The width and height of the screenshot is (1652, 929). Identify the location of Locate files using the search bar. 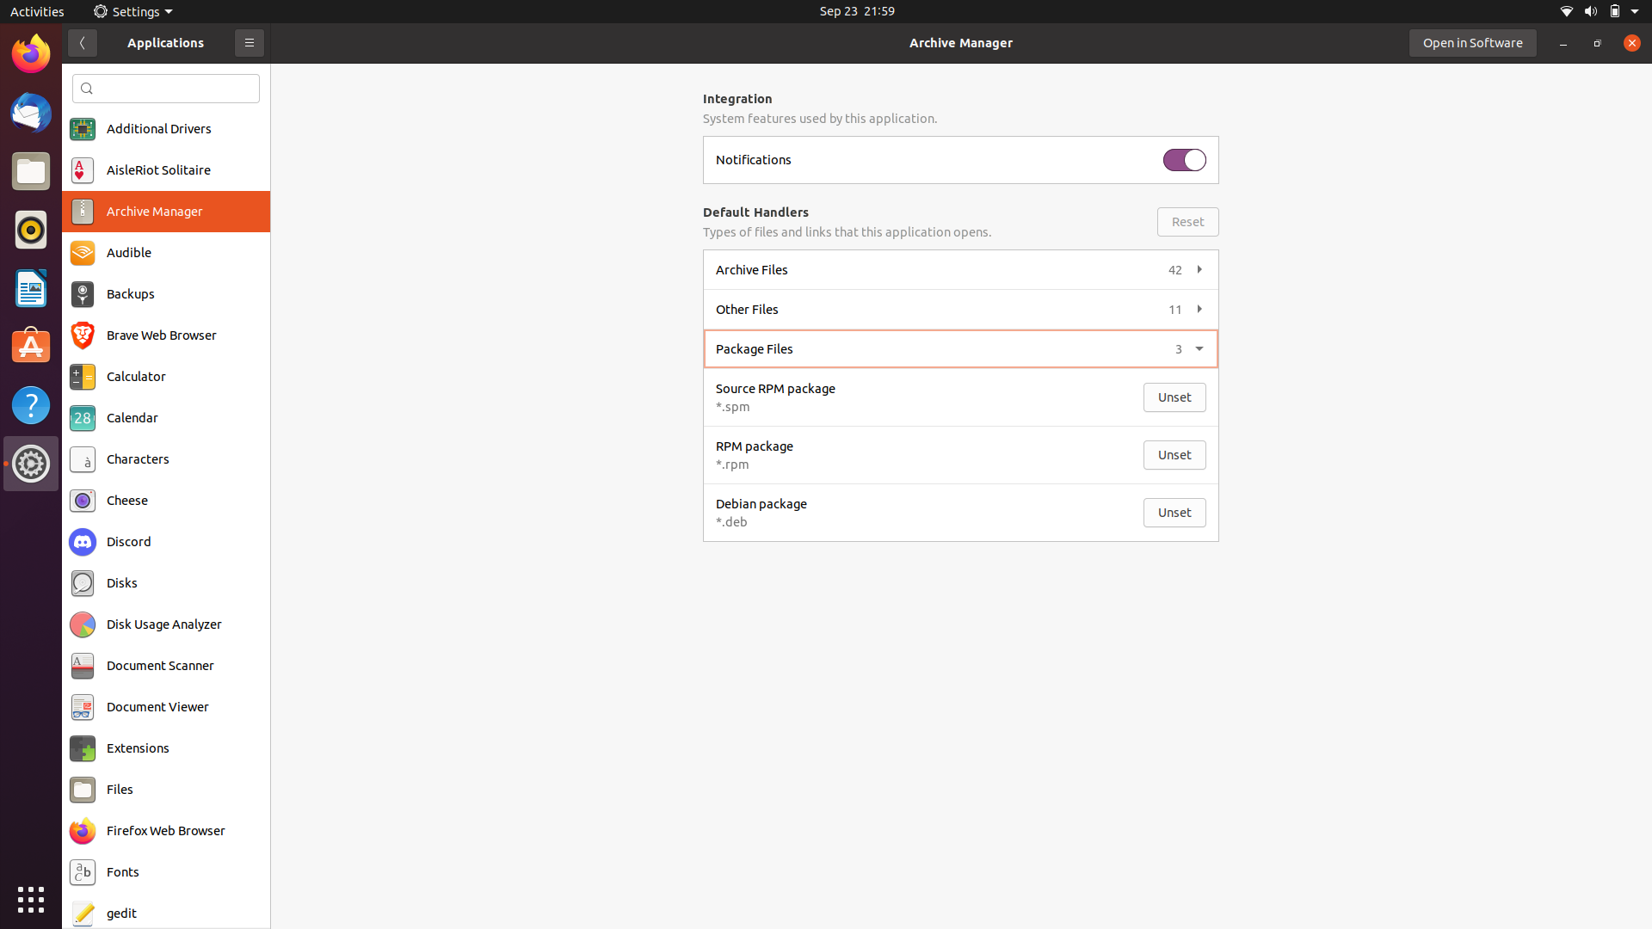
(166, 88).